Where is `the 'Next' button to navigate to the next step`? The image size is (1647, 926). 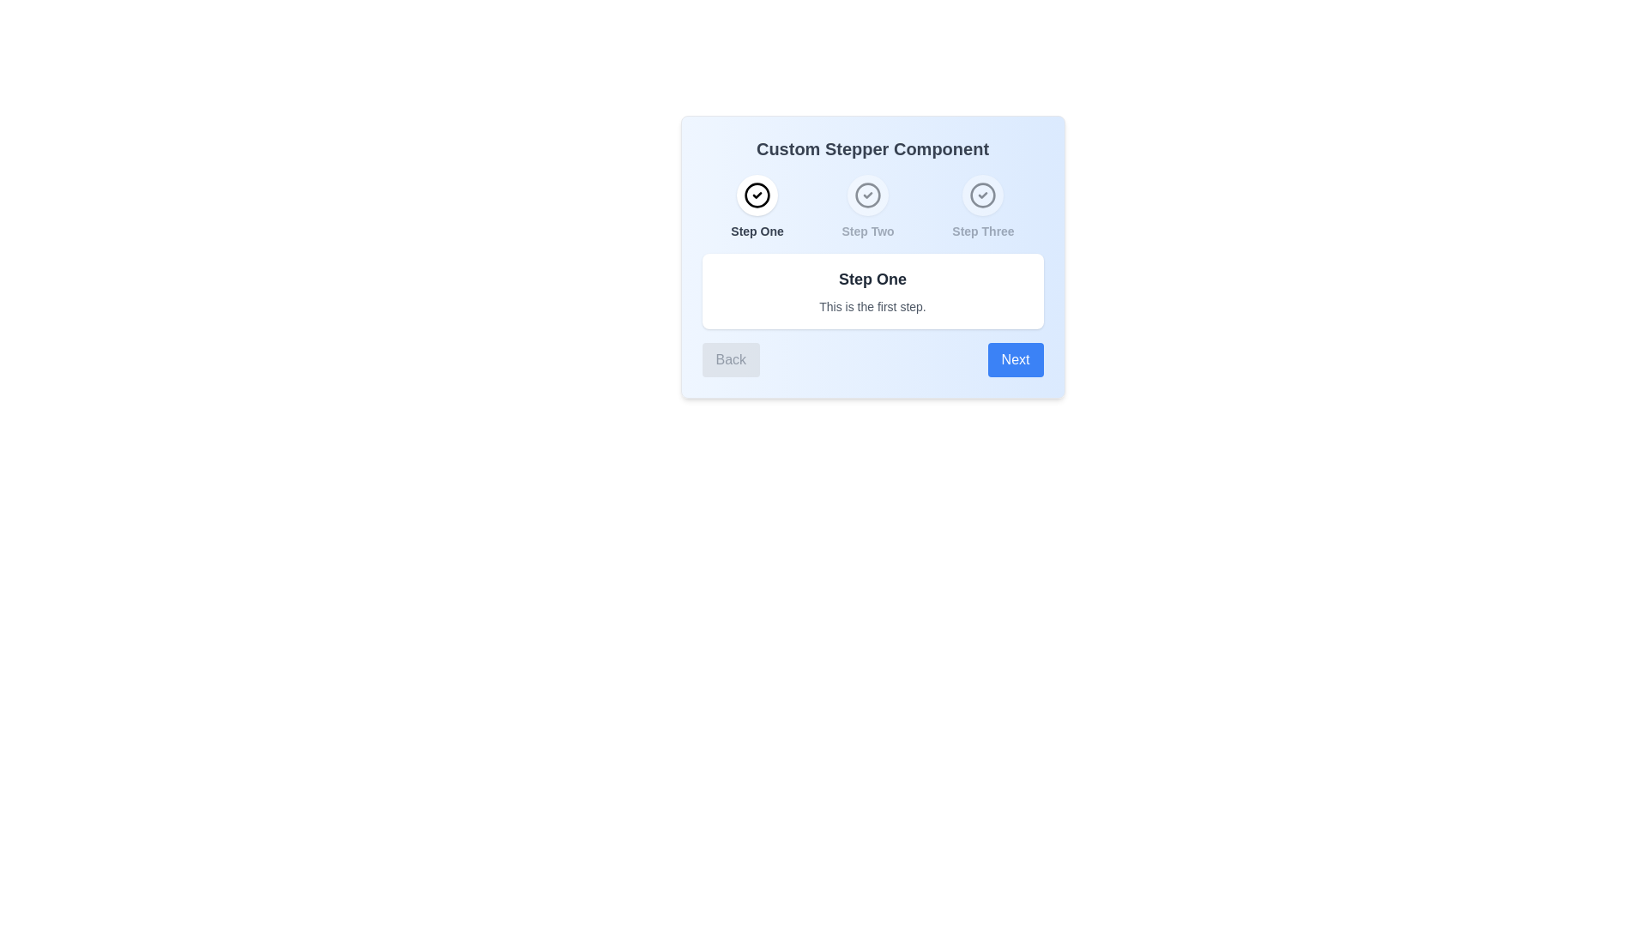 the 'Next' button to navigate to the next step is located at coordinates (1016, 359).